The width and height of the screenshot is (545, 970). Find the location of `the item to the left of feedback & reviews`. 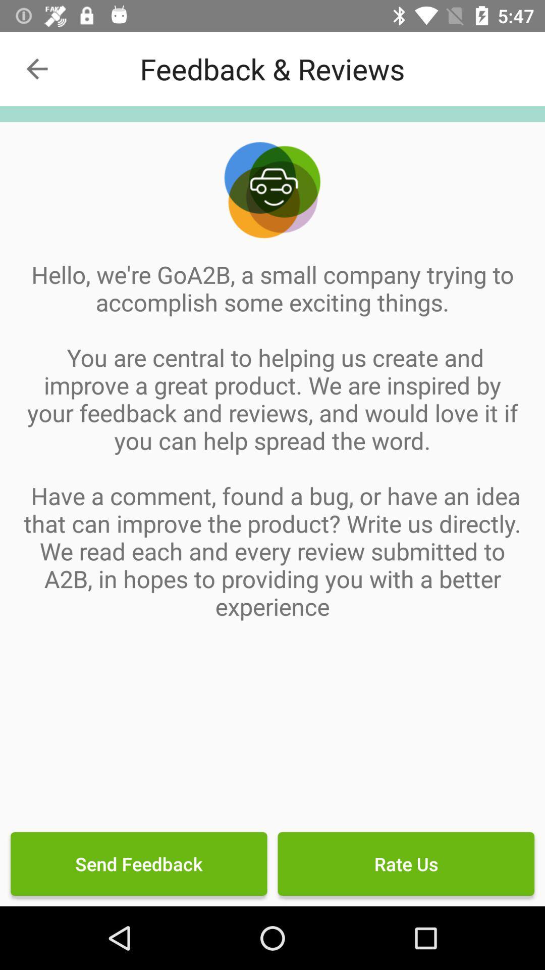

the item to the left of feedback & reviews is located at coordinates (36, 68).